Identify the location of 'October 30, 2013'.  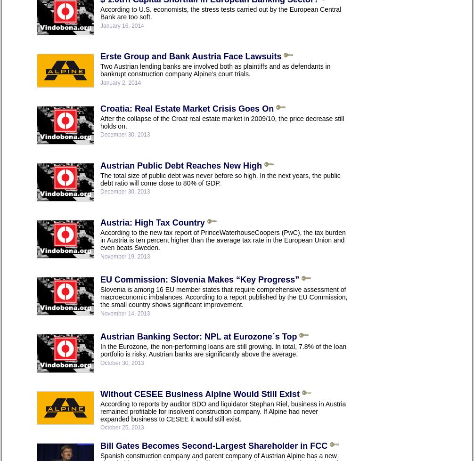
(122, 362).